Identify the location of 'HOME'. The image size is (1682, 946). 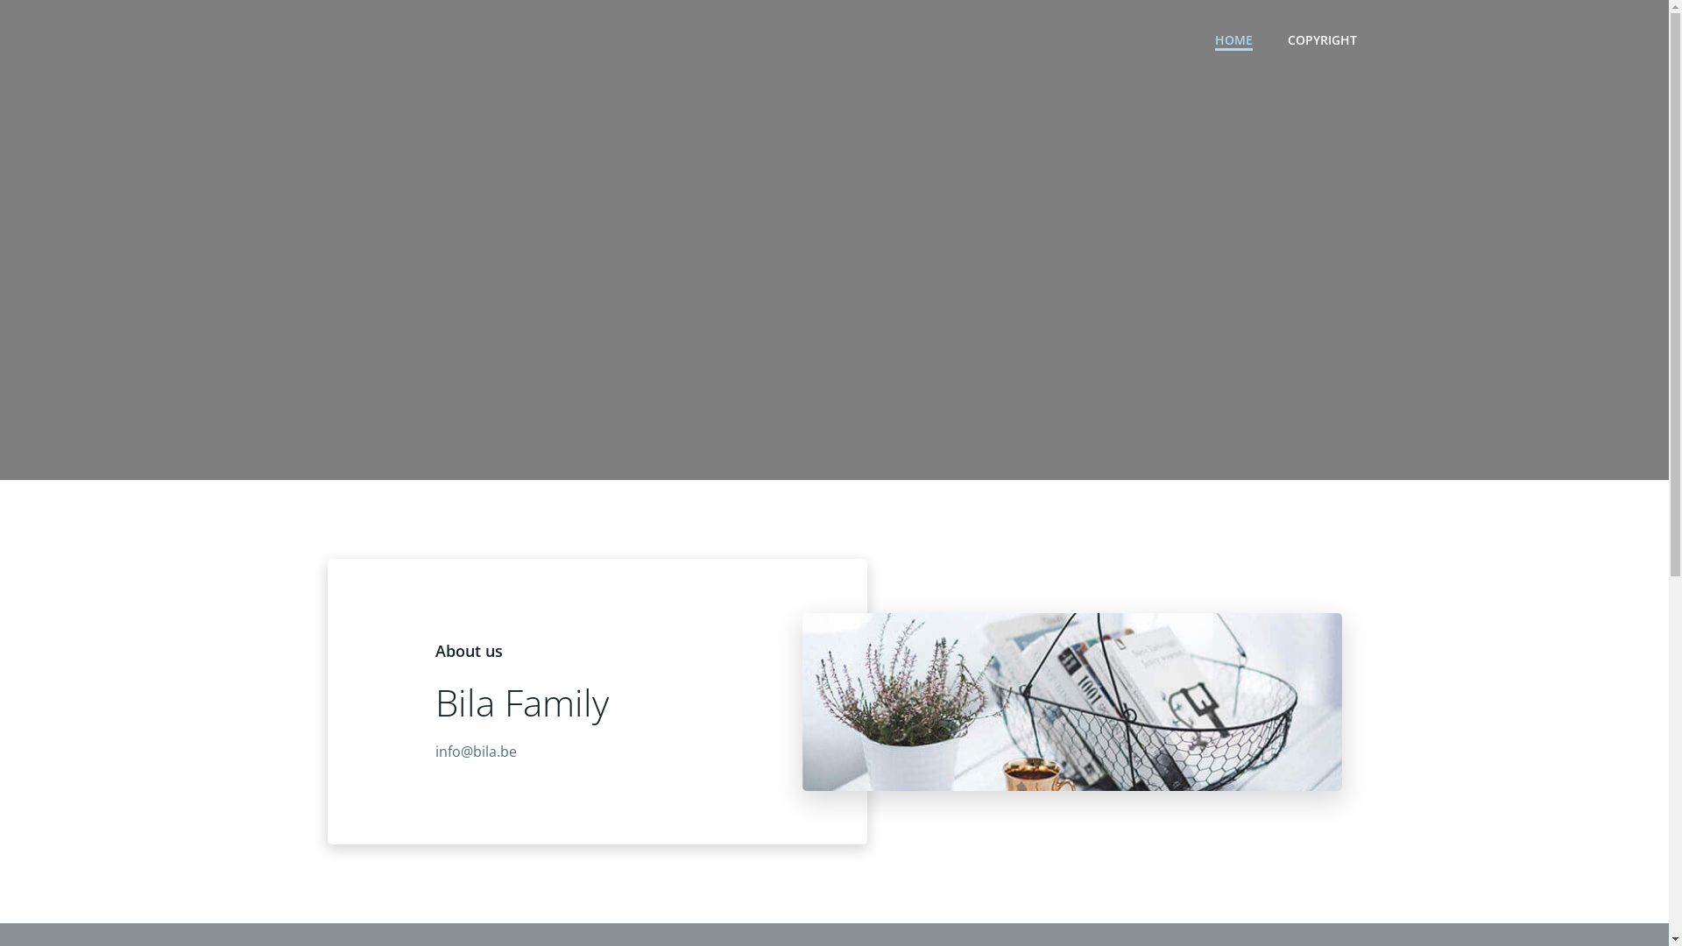
(1232, 39).